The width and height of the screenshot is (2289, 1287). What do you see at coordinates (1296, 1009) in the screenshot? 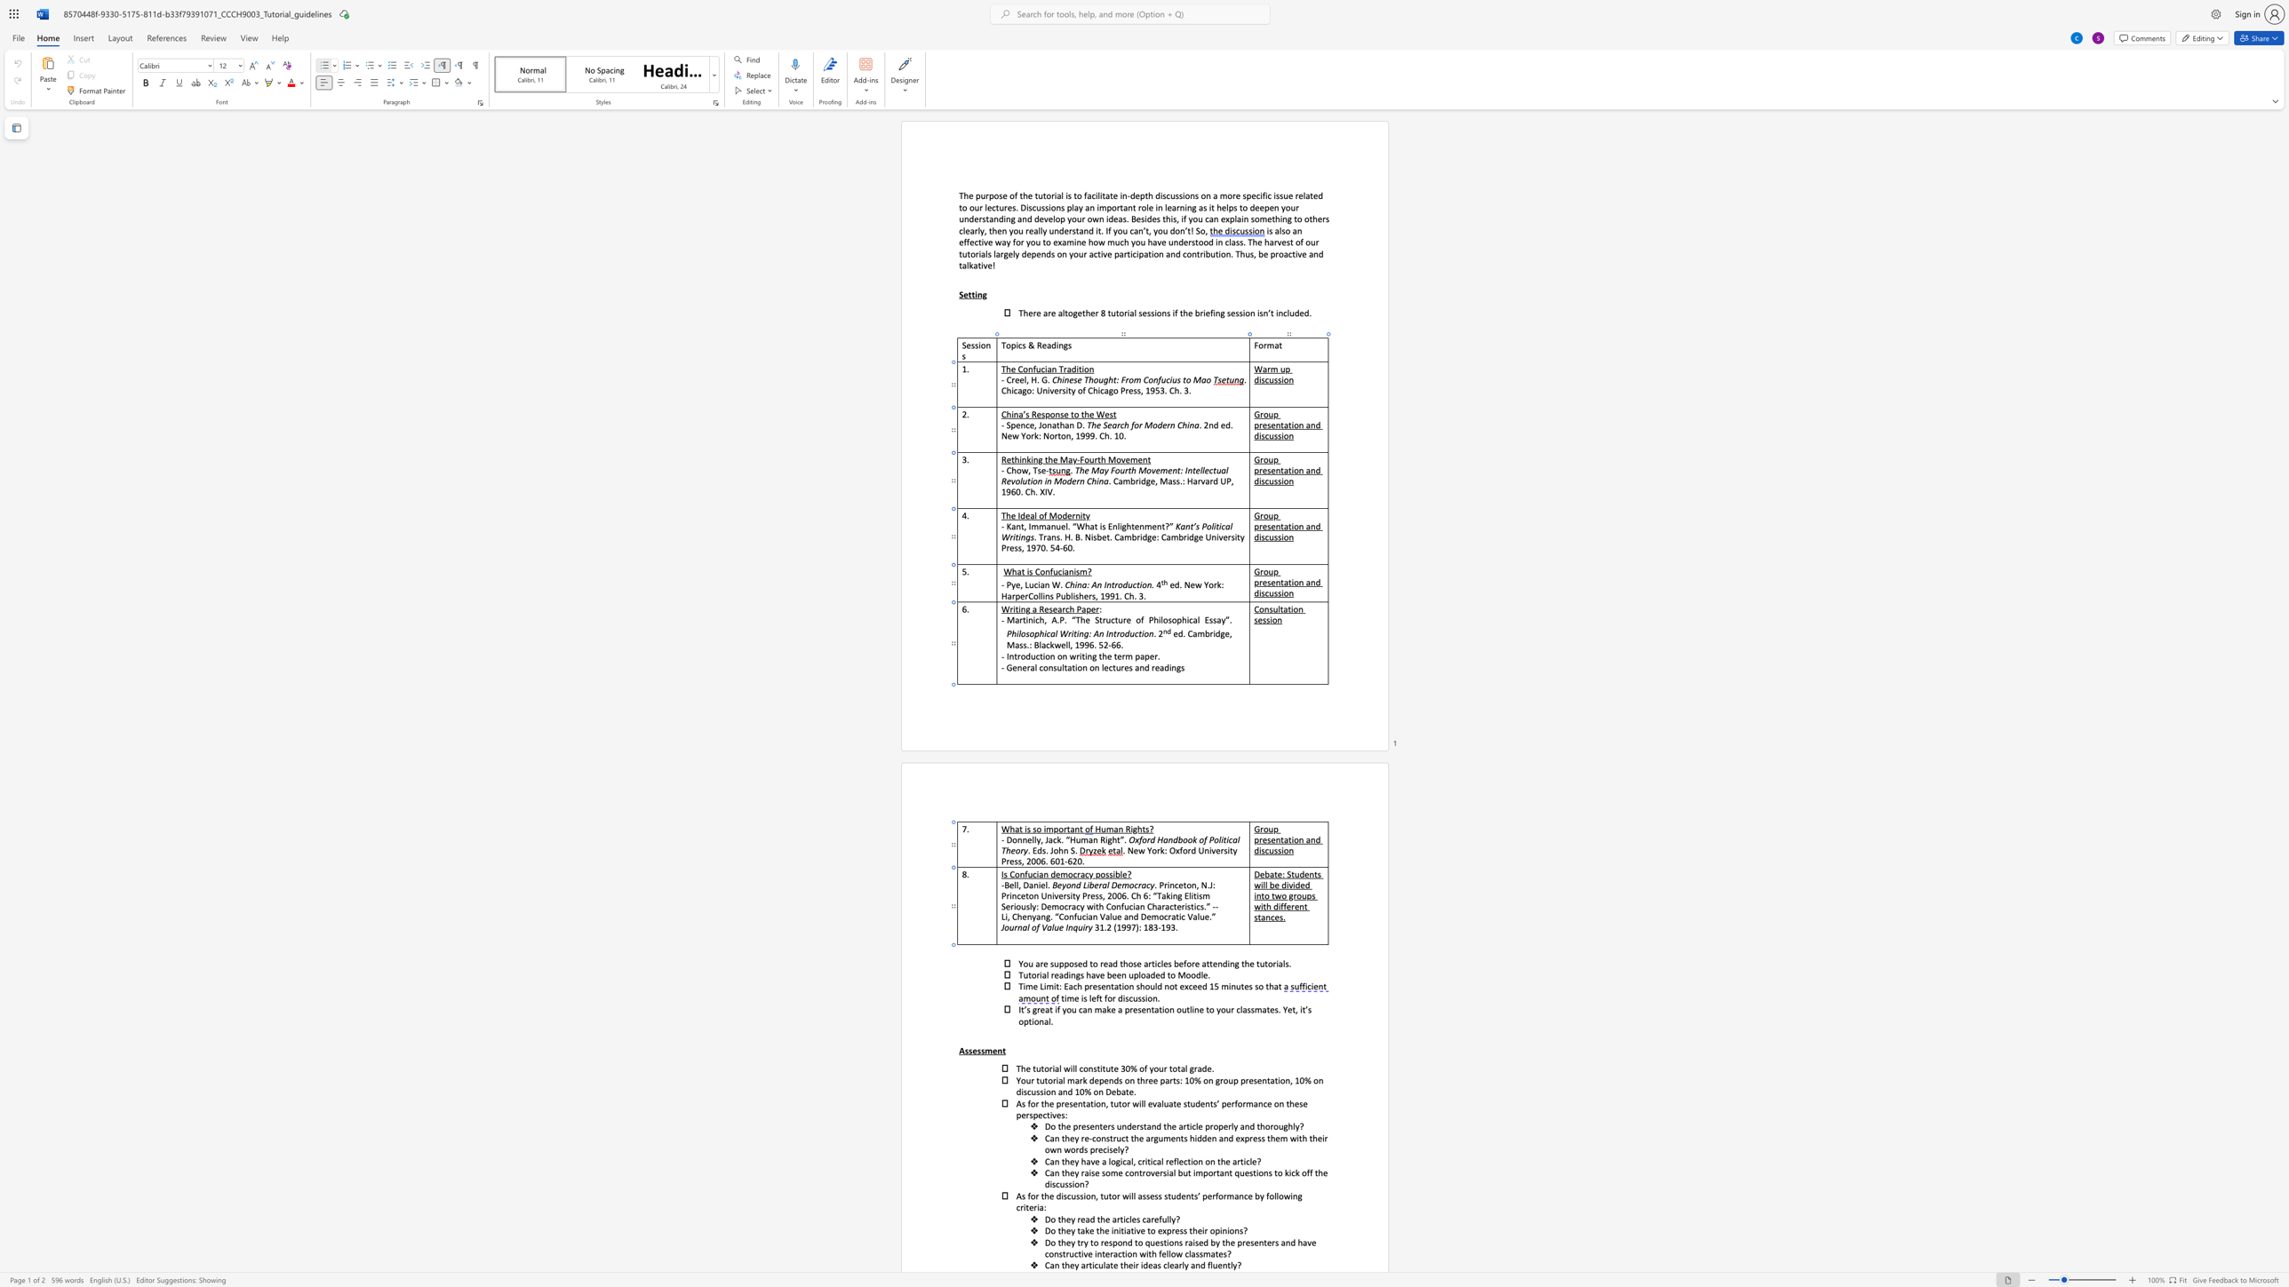
I see `the 1th character "," in the text` at bounding box center [1296, 1009].